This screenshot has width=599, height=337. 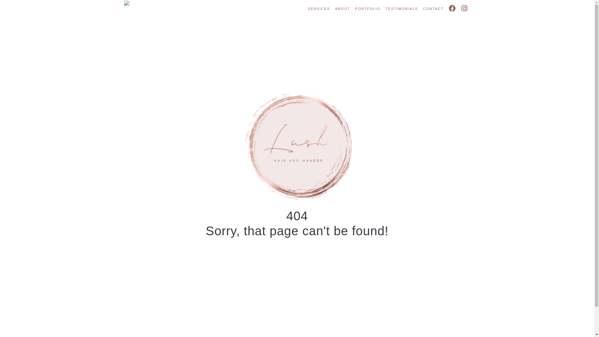 I want to click on 'ABOUT', so click(x=342, y=9).